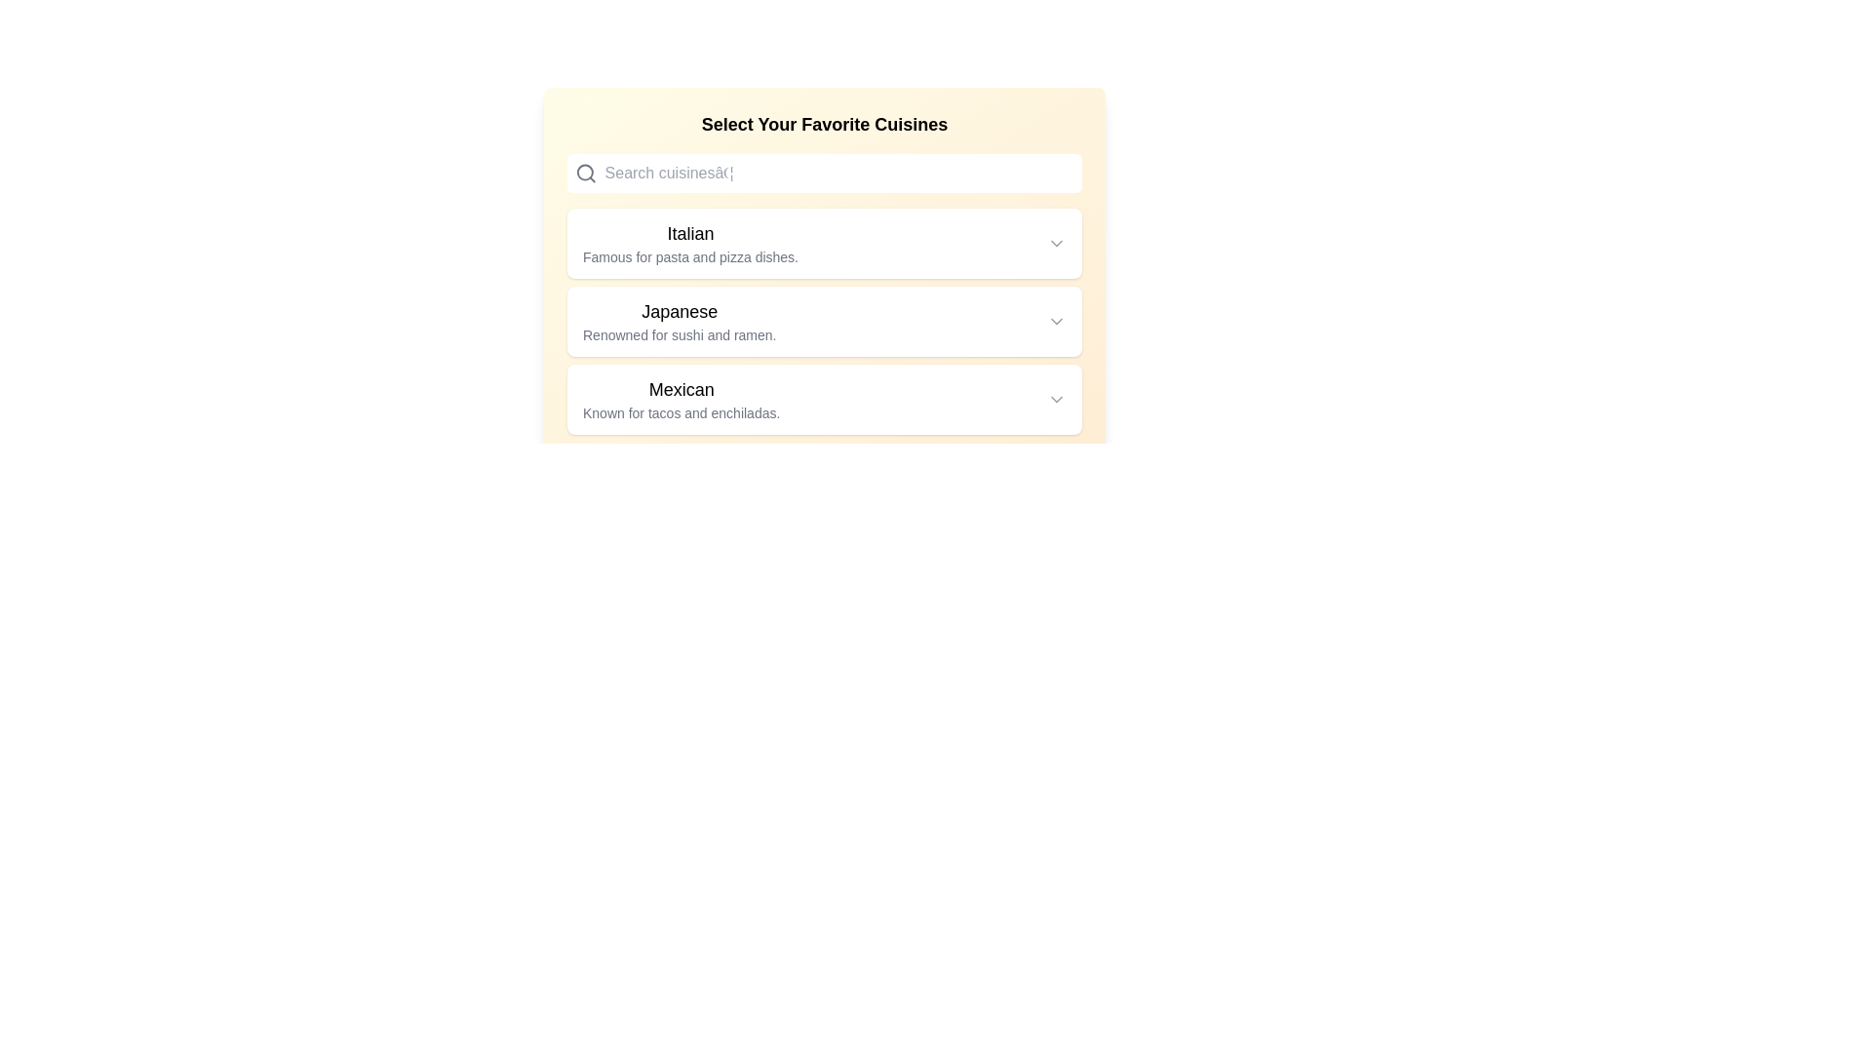 The image size is (1872, 1053). What do you see at coordinates (682, 398) in the screenshot?
I see `the text block within the card that displays information about Mexican cuisine, located` at bounding box center [682, 398].